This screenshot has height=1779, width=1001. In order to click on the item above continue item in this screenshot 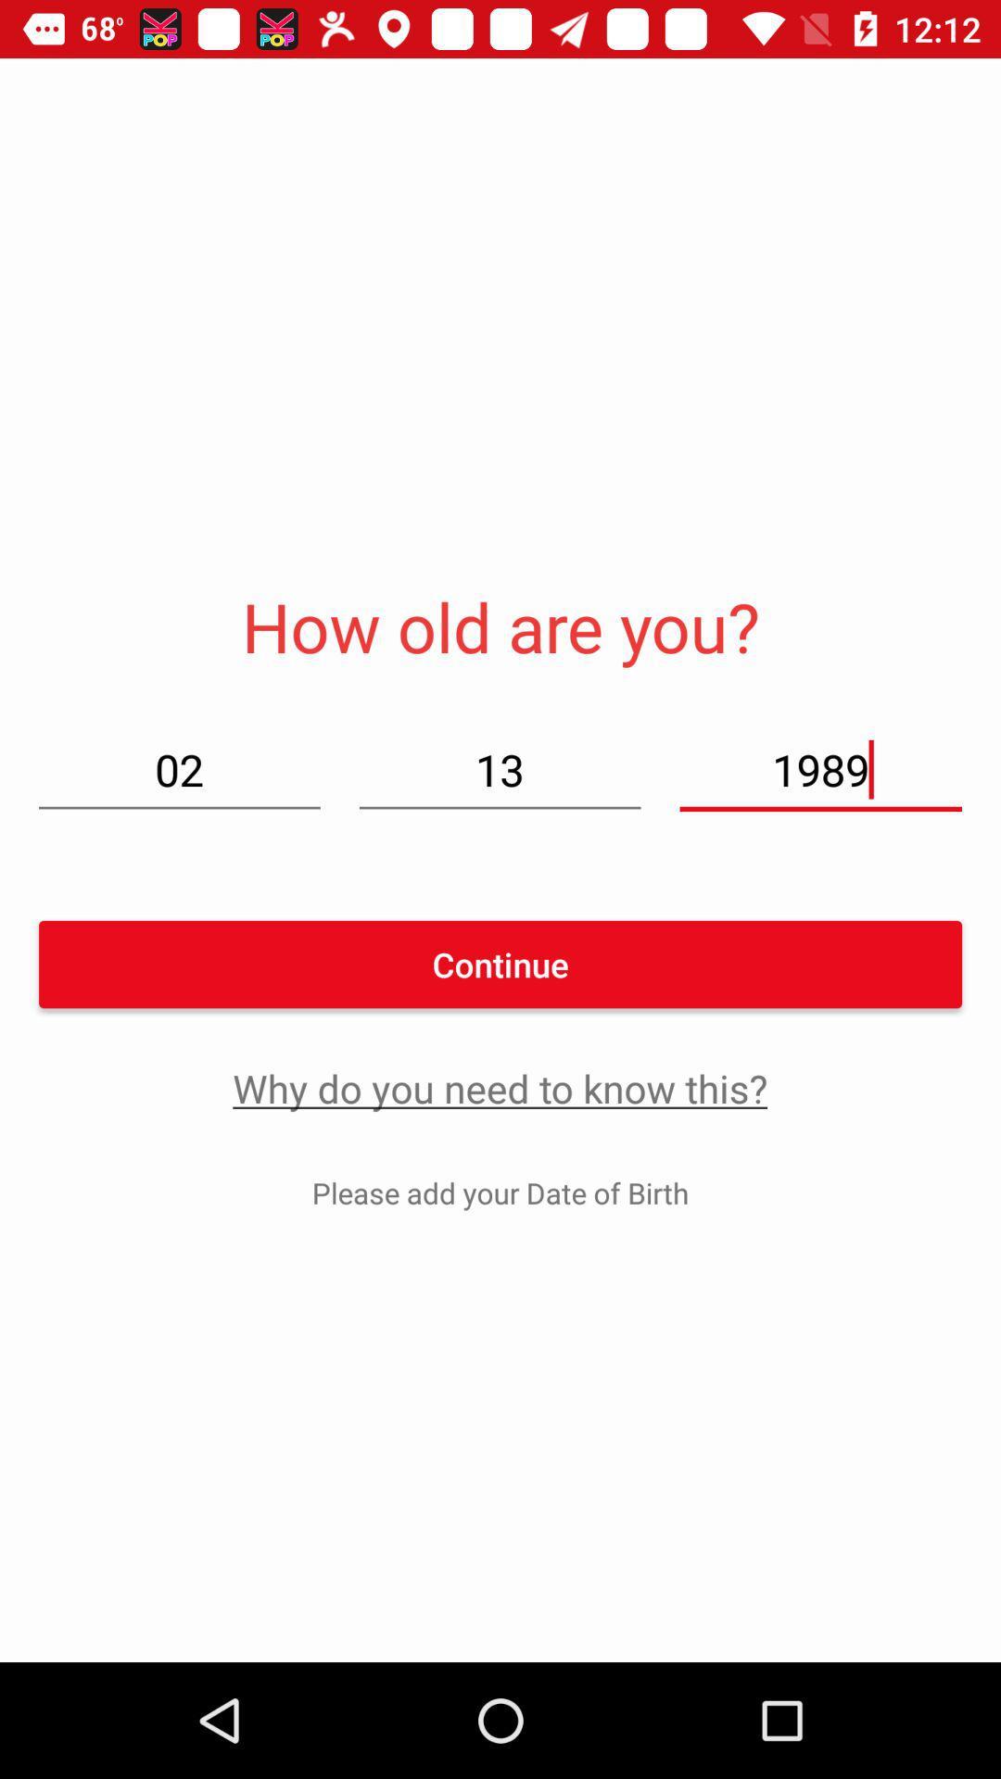, I will do `click(179, 769)`.